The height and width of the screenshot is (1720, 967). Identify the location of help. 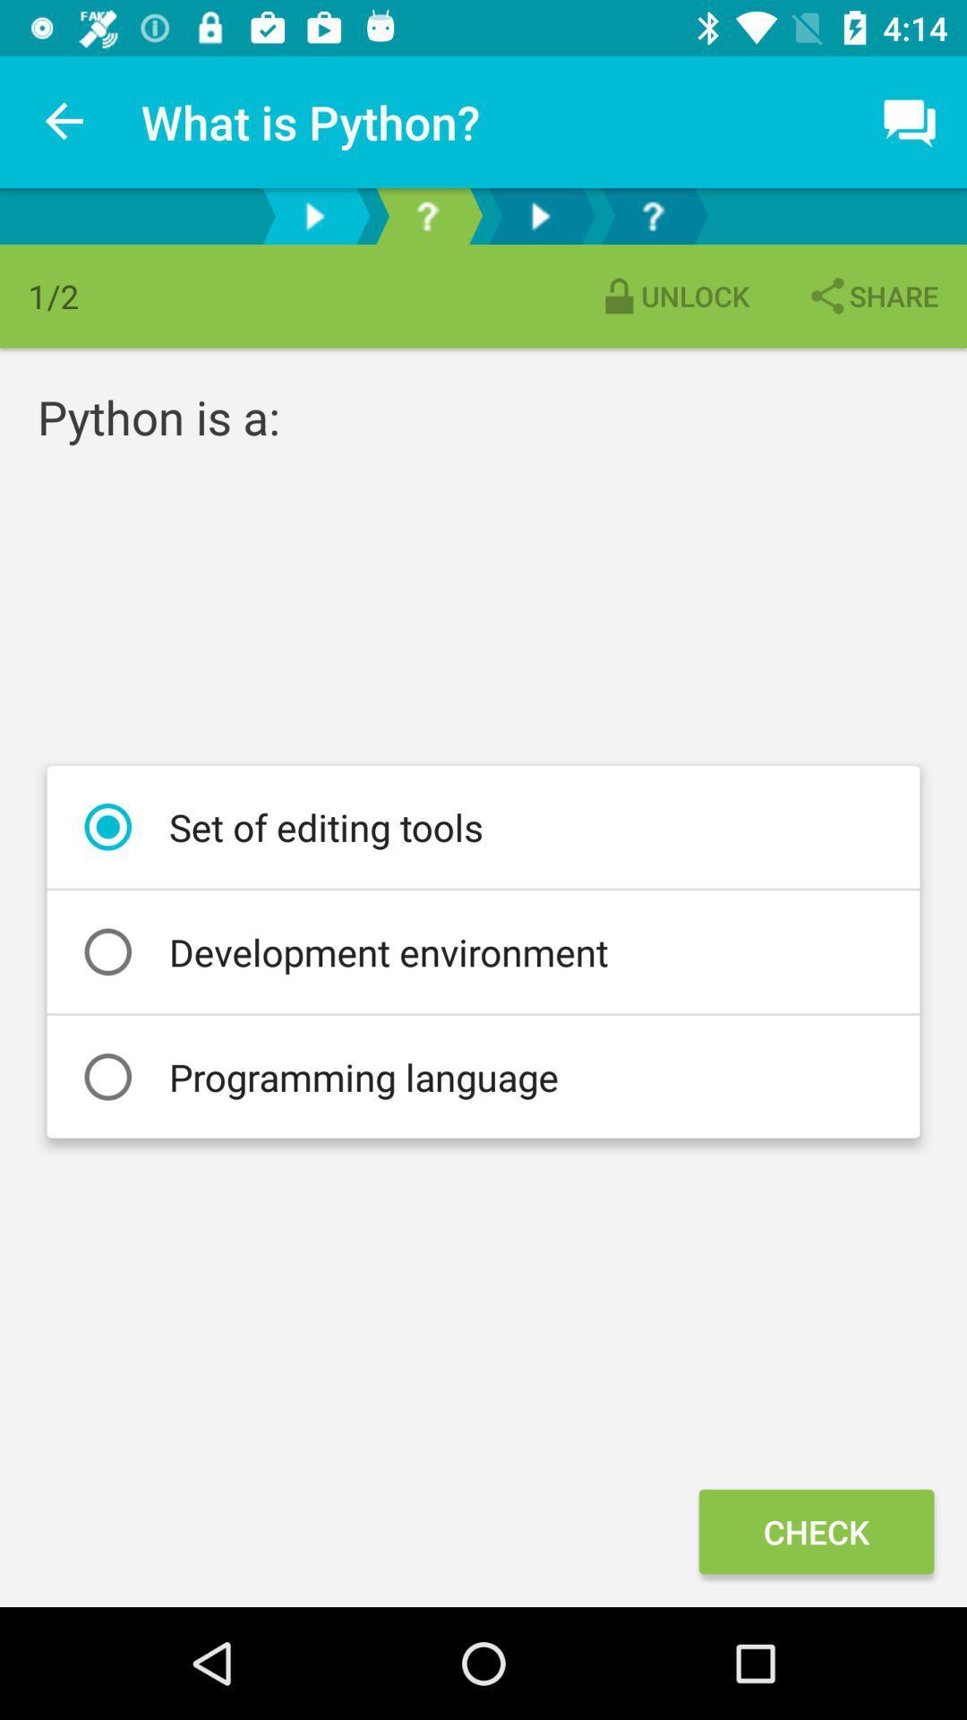
(427, 215).